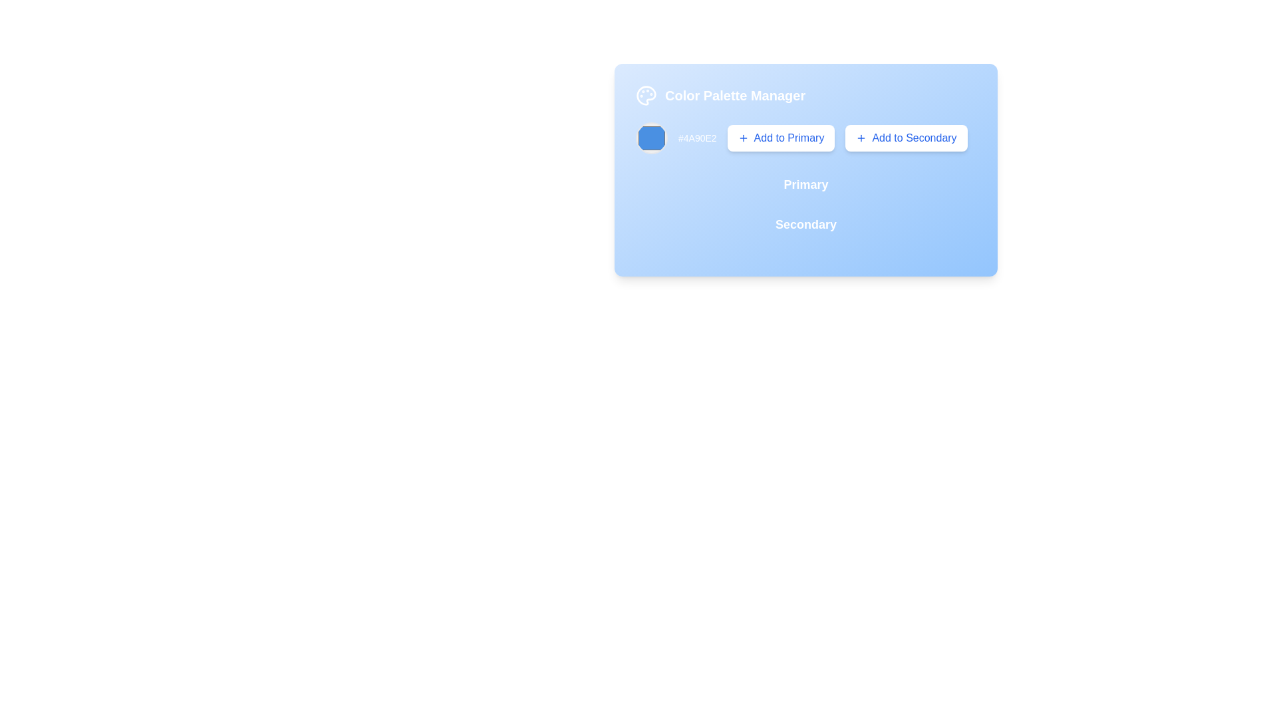  I want to click on the 'Primary' text label, which is displayed in bold white font on a soft blue background, located under the 'Color Palette Manager' header, so click(805, 184).